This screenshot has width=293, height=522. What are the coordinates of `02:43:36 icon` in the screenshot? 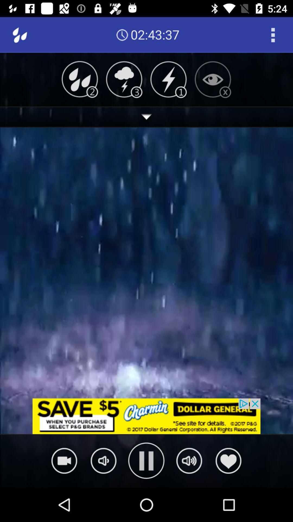 It's located at (155, 35).